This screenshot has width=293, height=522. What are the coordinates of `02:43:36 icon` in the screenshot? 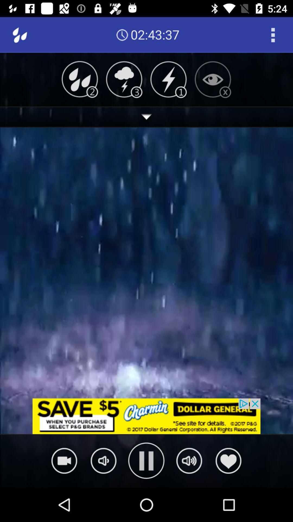 It's located at (155, 35).